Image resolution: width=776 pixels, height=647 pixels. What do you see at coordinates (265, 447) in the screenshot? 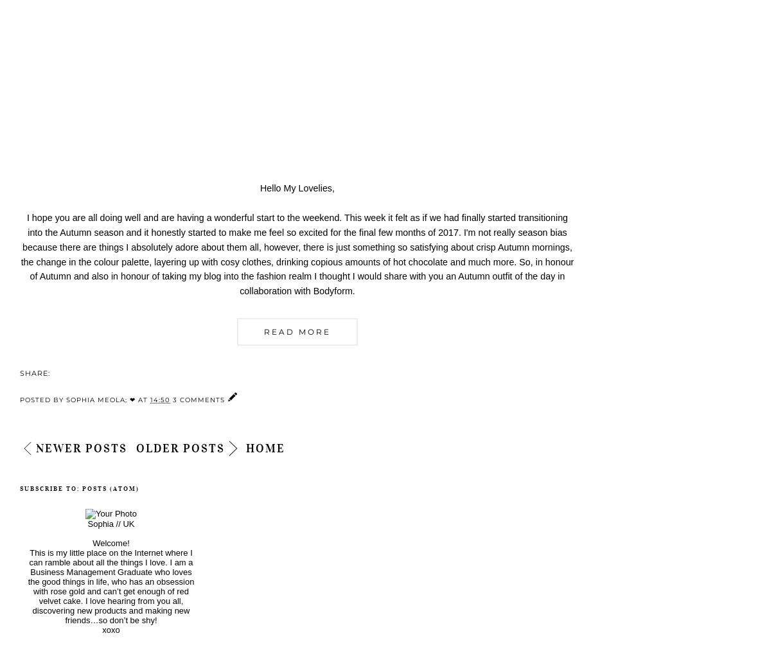
I see `'Home'` at bounding box center [265, 447].